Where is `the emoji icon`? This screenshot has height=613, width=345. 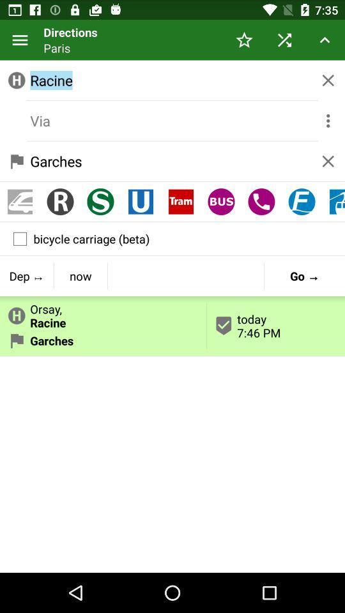 the emoji icon is located at coordinates (220, 216).